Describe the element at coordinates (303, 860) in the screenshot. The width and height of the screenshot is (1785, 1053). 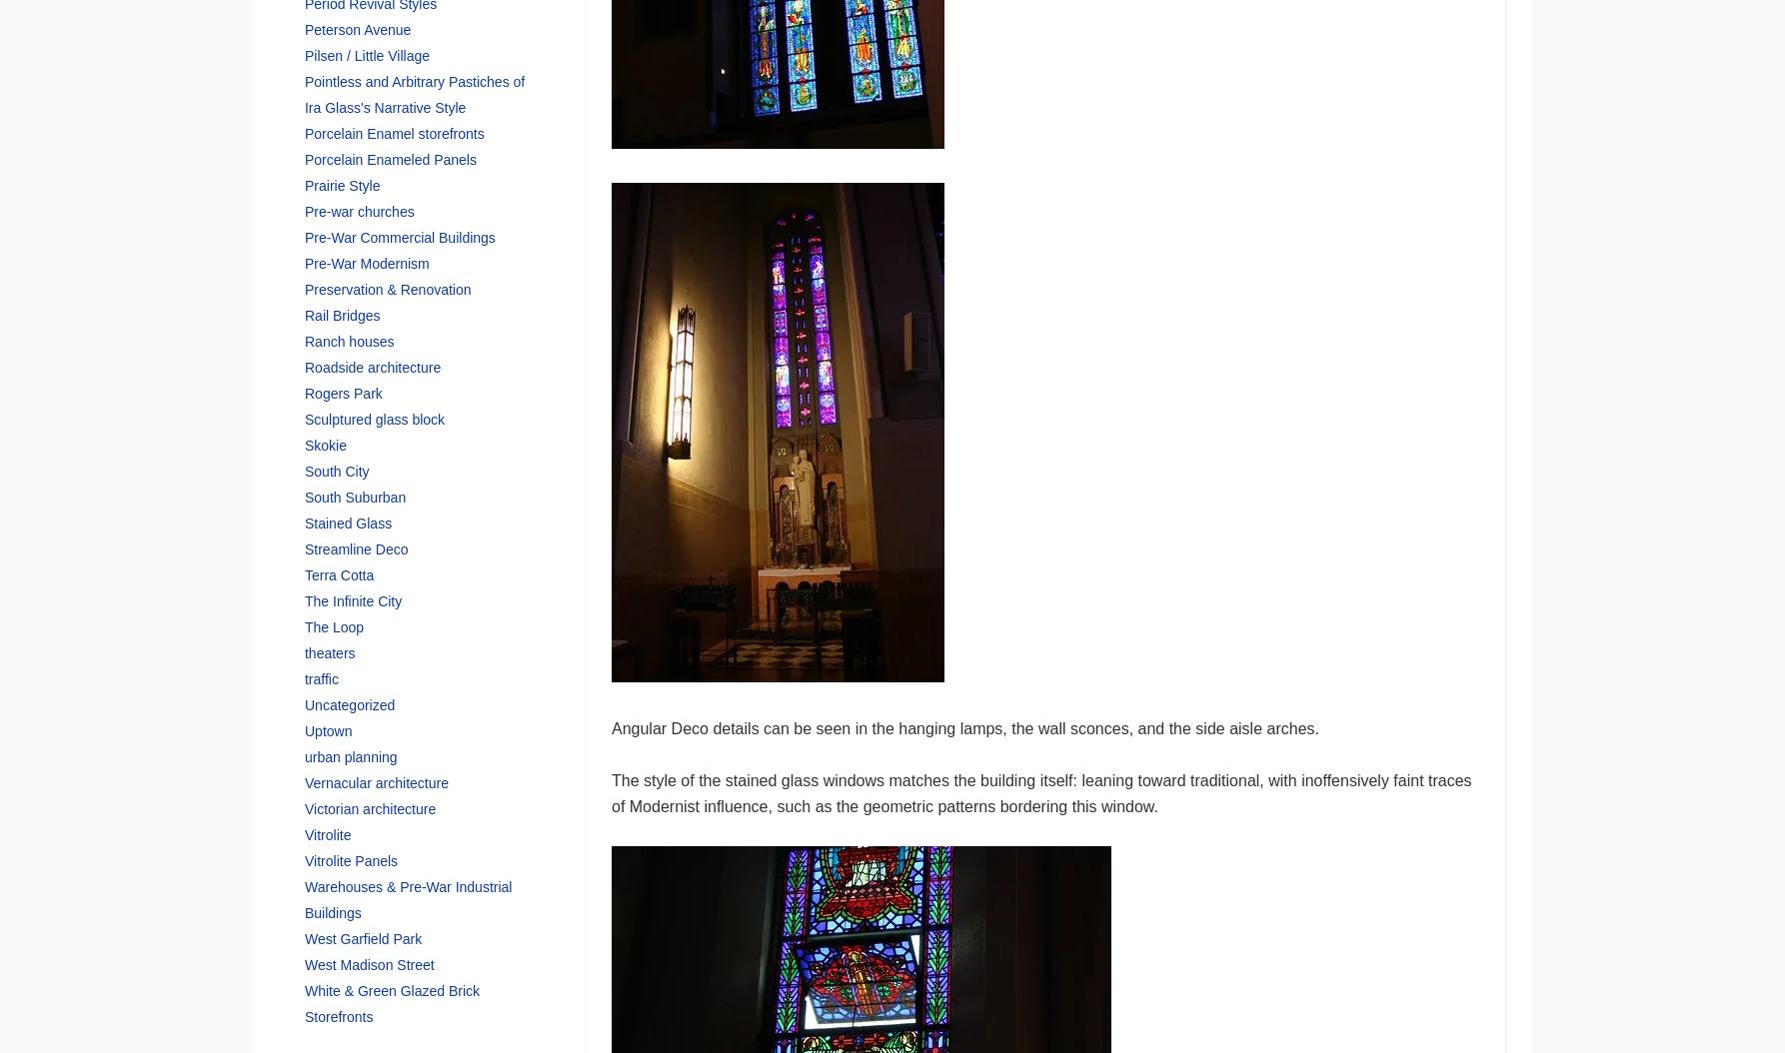
I see `'Vitrolite Panels'` at that location.